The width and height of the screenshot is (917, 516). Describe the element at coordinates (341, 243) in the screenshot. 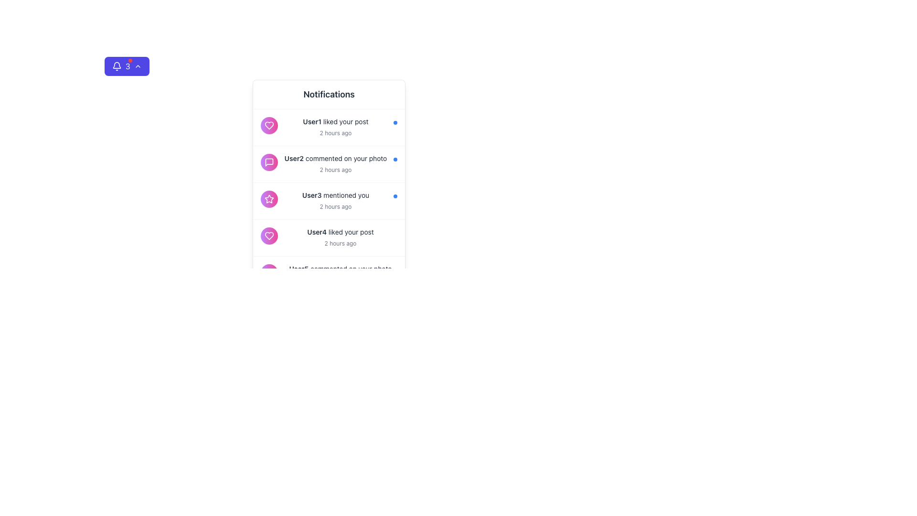

I see `timestamp displayed in the fourth notification from the top, which indicates the time elapsed since 'User4 liked your post'` at that location.